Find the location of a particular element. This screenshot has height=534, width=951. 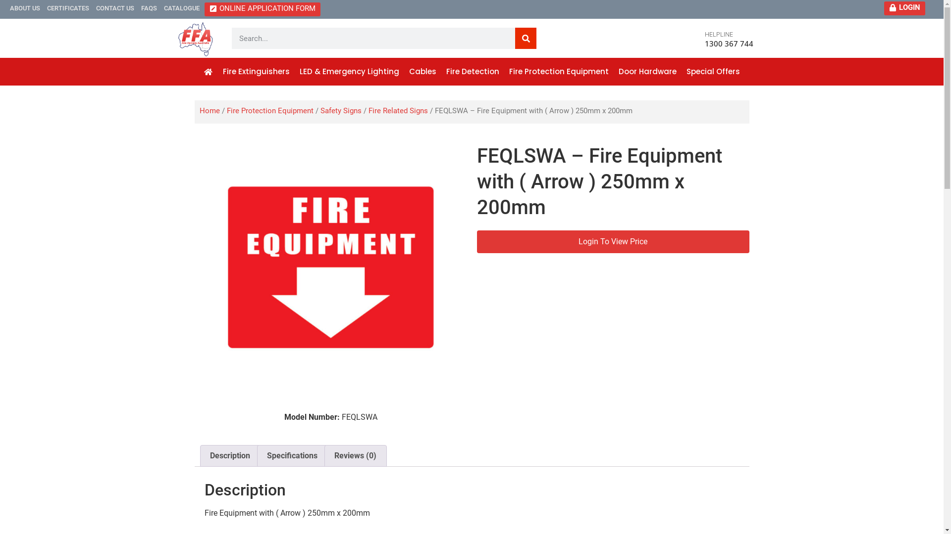

'ABOUT US' is located at coordinates (25, 7).